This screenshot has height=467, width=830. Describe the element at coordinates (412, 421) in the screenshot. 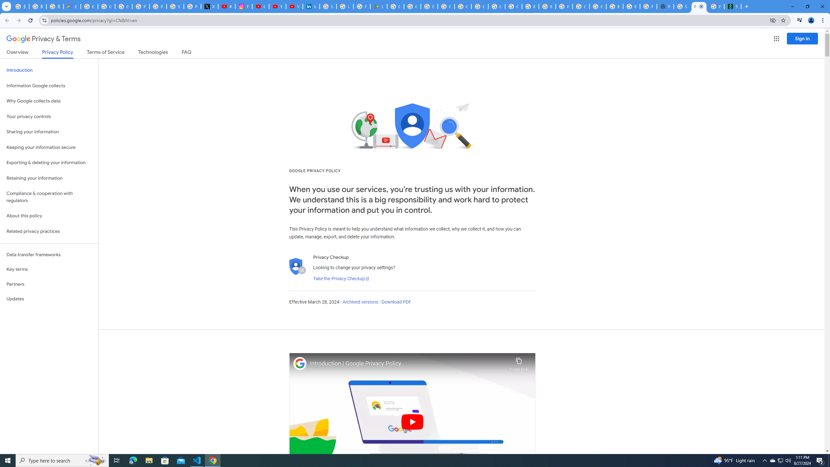

I see `'Play'` at that location.